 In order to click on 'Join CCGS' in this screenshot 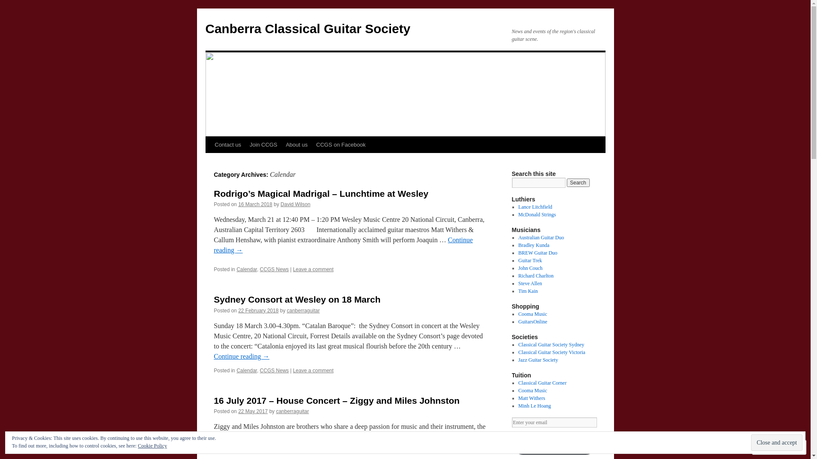, I will do `click(263, 144)`.